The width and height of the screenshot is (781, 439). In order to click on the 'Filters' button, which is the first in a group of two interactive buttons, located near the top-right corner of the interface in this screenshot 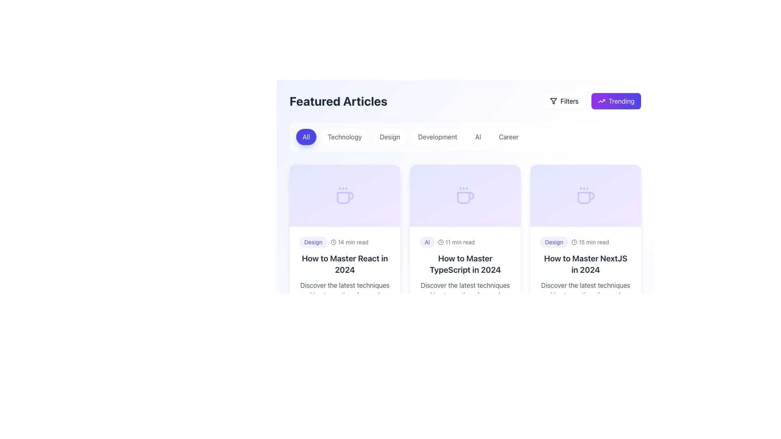, I will do `click(564, 101)`.